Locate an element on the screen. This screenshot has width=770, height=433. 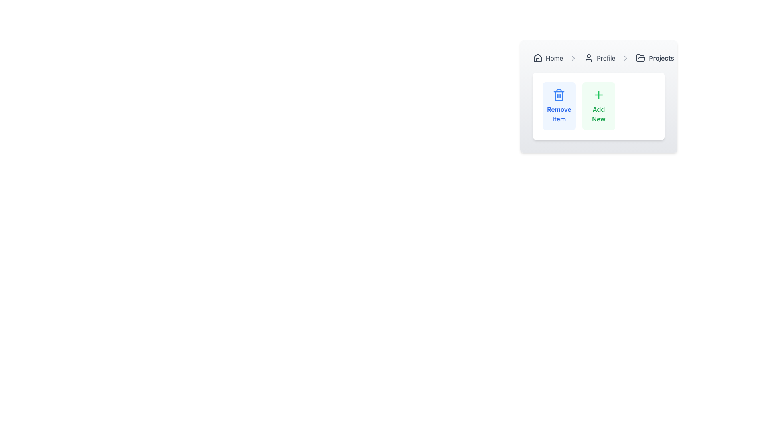
the green plus icon located at the center of the 'Add New' button, which is the second button in a pair of horizontally-aligned buttons under the breadcrumb navigation is located at coordinates (598, 94).